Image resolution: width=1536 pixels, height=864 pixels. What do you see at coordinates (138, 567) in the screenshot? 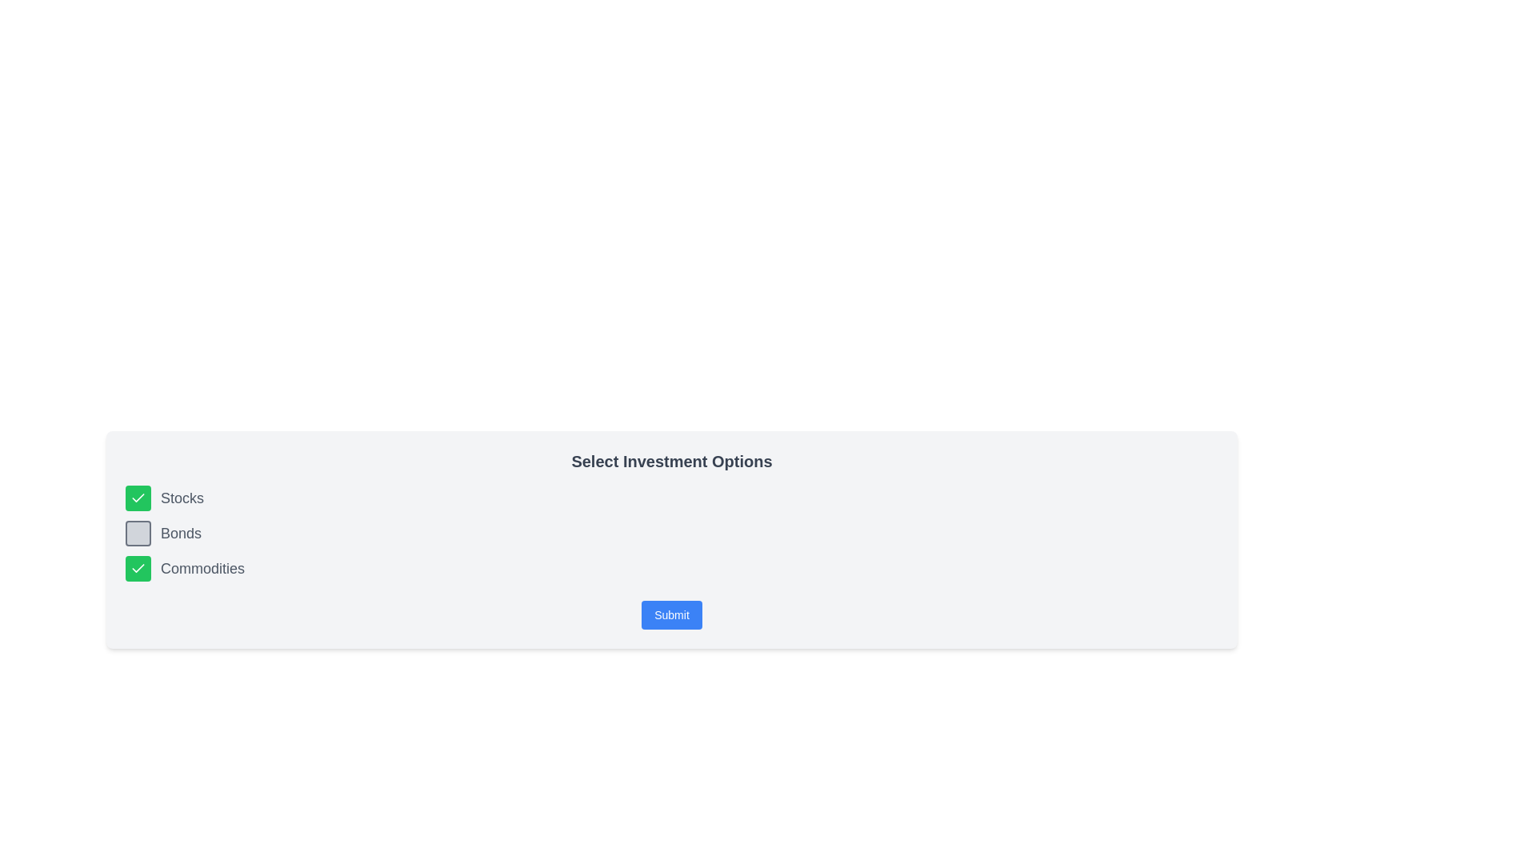
I see `the checkbox for 'Commodities'` at bounding box center [138, 567].